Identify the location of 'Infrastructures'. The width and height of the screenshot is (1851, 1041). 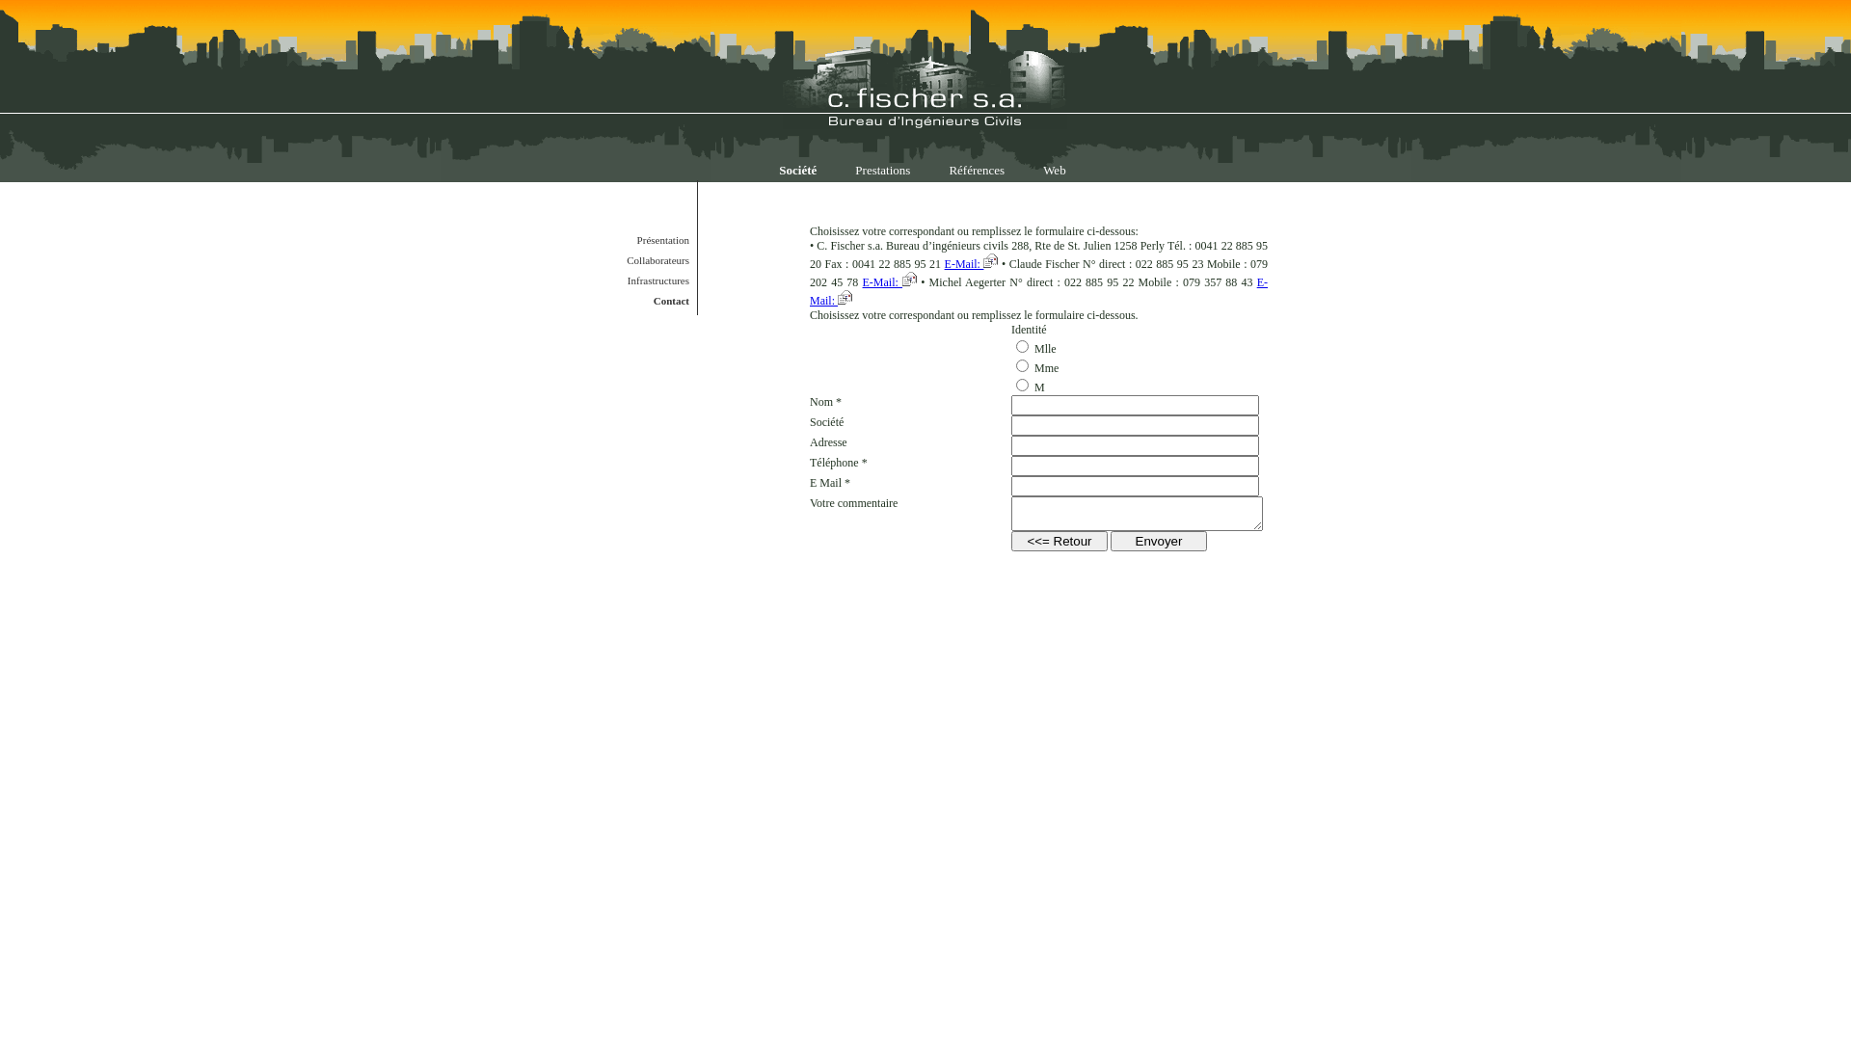
(636, 280).